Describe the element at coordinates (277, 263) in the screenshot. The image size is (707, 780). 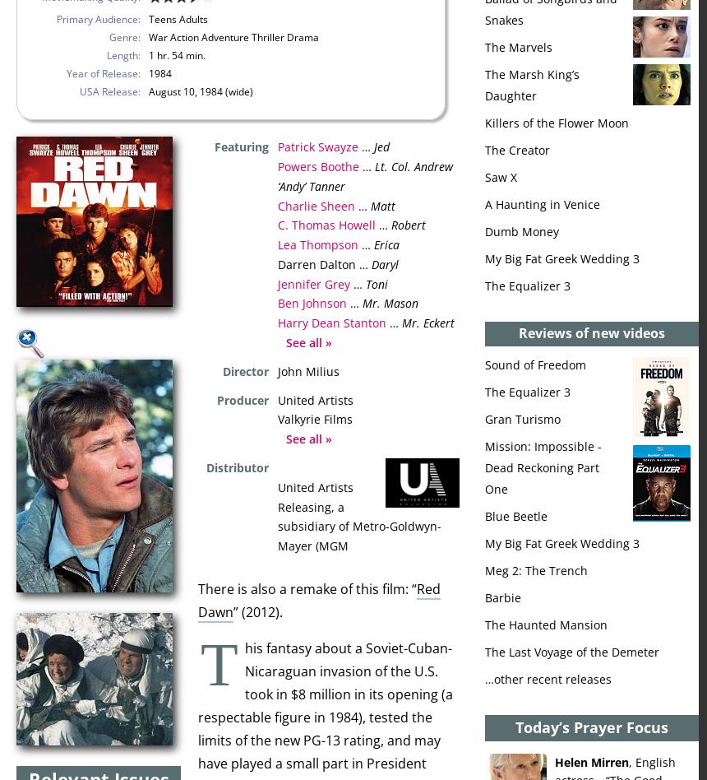
I see `'Darren Dalton …'` at that location.